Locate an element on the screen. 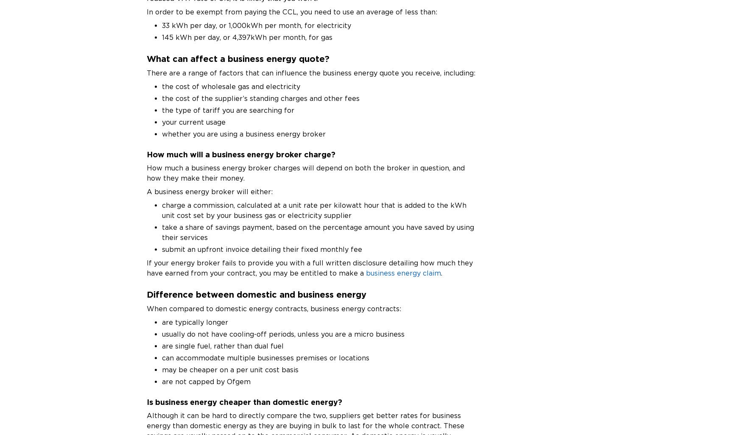  'may be cheaper on a per unit cost basis' is located at coordinates (230, 369).